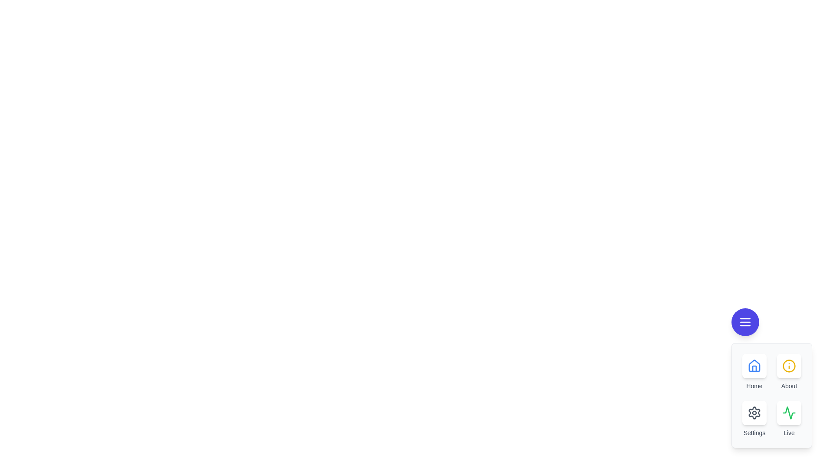 The width and height of the screenshot is (833, 469). What do you see at coordinates (789, 366) in the screenshot?
I see `the button labeled About to observe its hover effect` at bounding box center [789, 366].